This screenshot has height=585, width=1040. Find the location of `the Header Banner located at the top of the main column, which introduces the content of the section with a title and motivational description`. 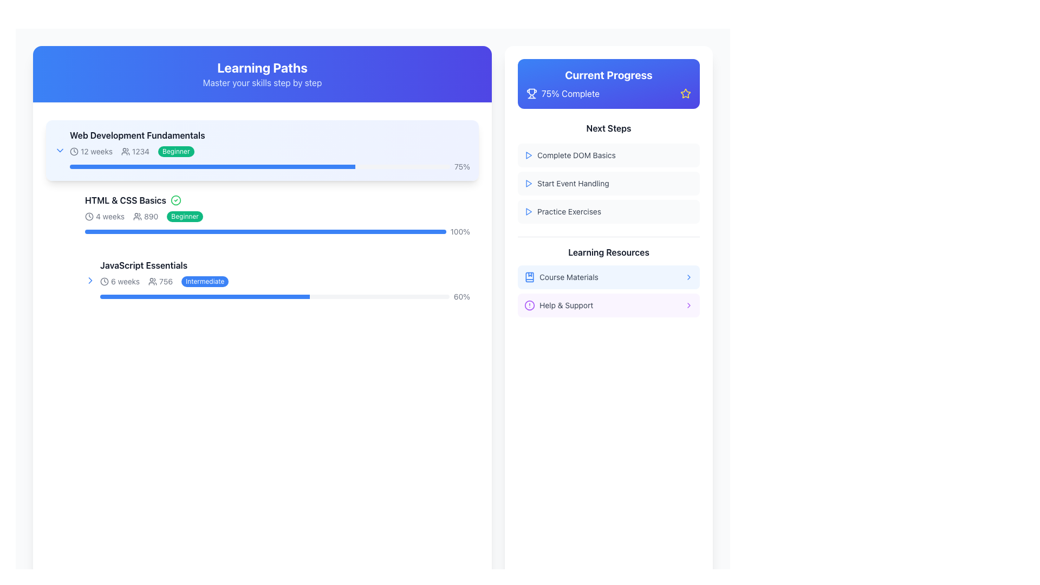

the Header Banner located at the top of the main column, which introduces the content of the section with a title and motivational description is located at coordinates (262, 74).